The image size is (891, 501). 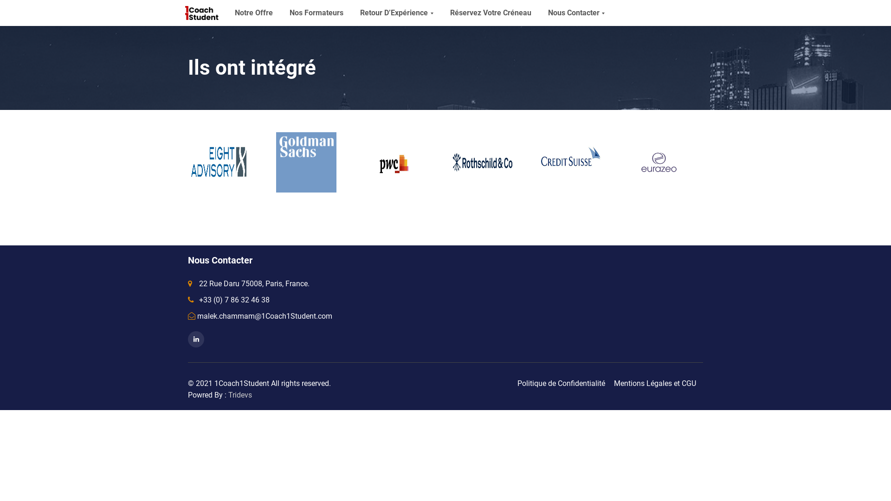 I want to click on 'Rothschild', so click(x=483, y=162).